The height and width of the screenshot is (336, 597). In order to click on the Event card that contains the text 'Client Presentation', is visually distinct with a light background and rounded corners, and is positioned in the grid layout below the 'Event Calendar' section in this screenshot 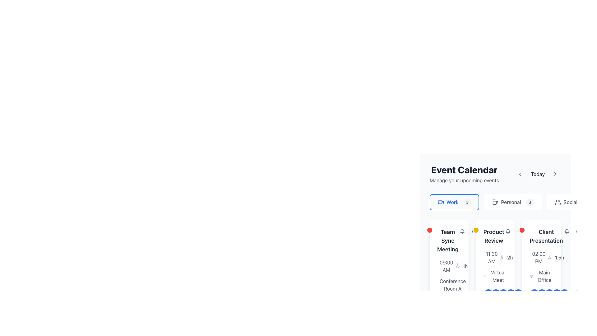, I will do `click(541, 273)`.